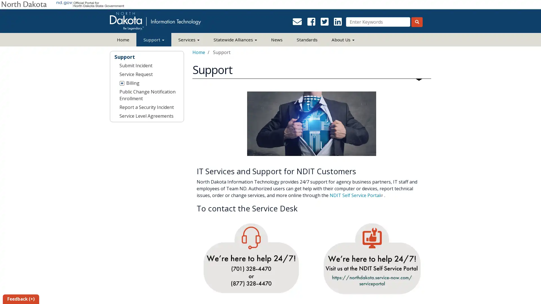 The width and height of the screenshot is (541, 304). I want to click on Follow Us on Facebook, so click(312, 23).